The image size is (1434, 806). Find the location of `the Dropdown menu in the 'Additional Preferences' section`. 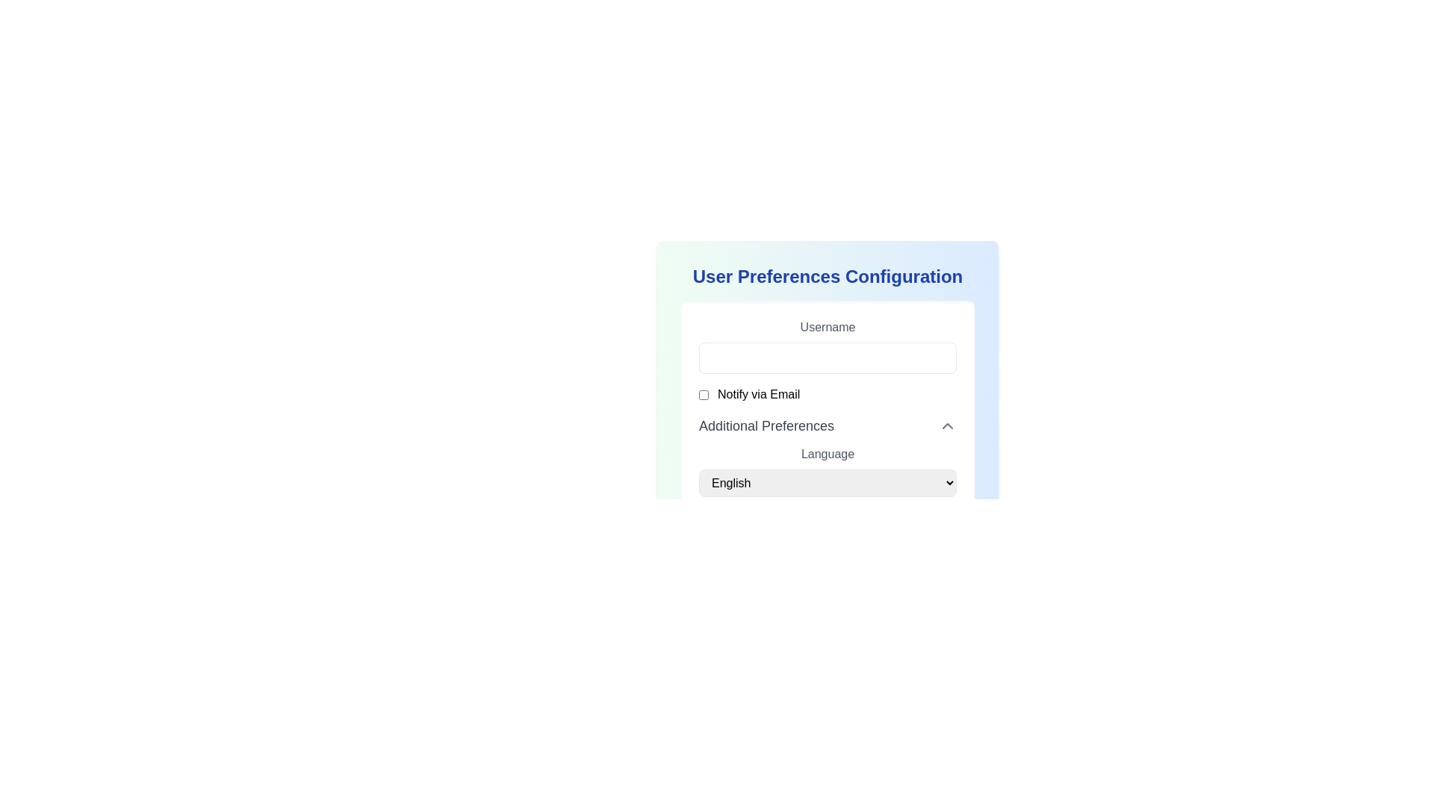

the Dropdown menu in the 'Additional Preferences' section is located at coordinates (827, 471).